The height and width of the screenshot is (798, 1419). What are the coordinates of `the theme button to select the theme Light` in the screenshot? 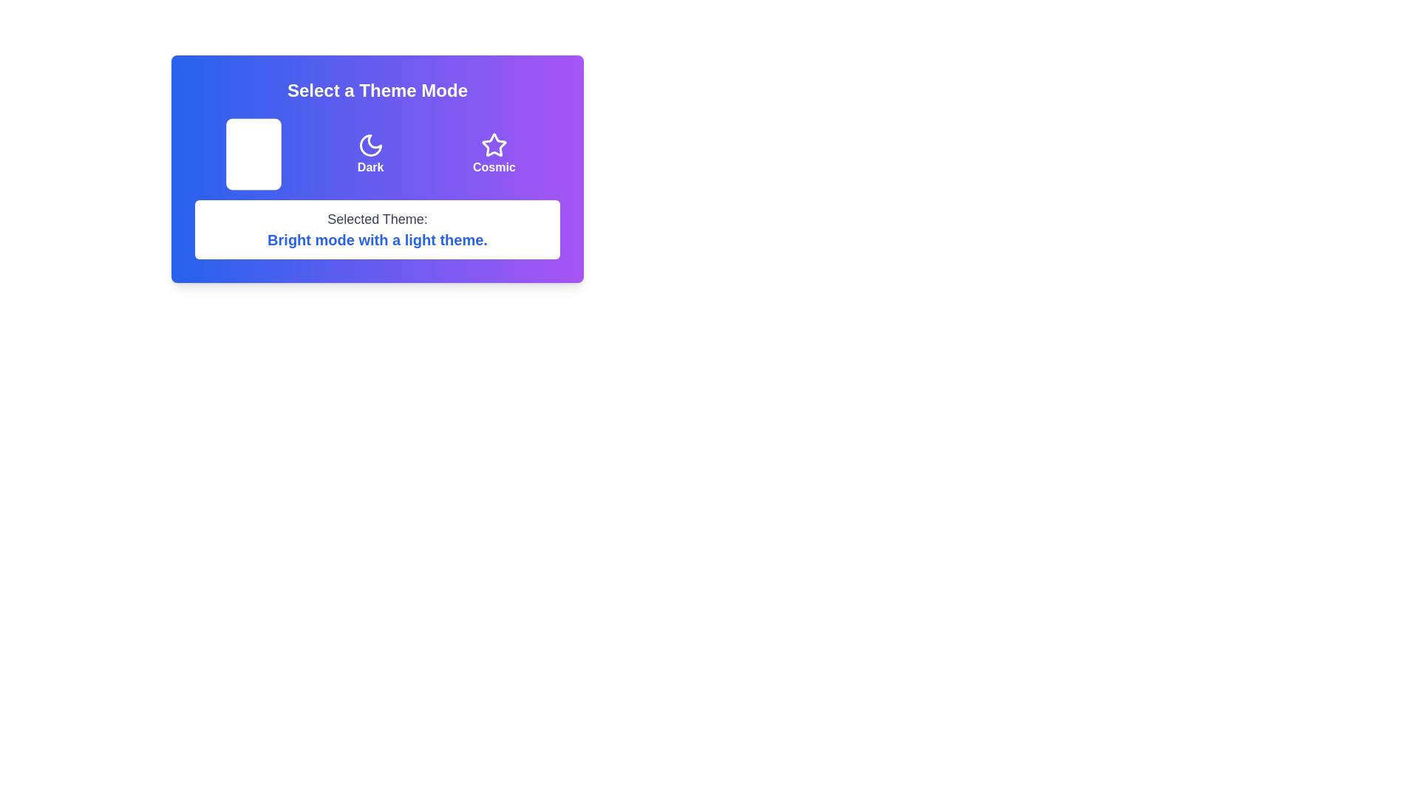 It's located at (253, 154).